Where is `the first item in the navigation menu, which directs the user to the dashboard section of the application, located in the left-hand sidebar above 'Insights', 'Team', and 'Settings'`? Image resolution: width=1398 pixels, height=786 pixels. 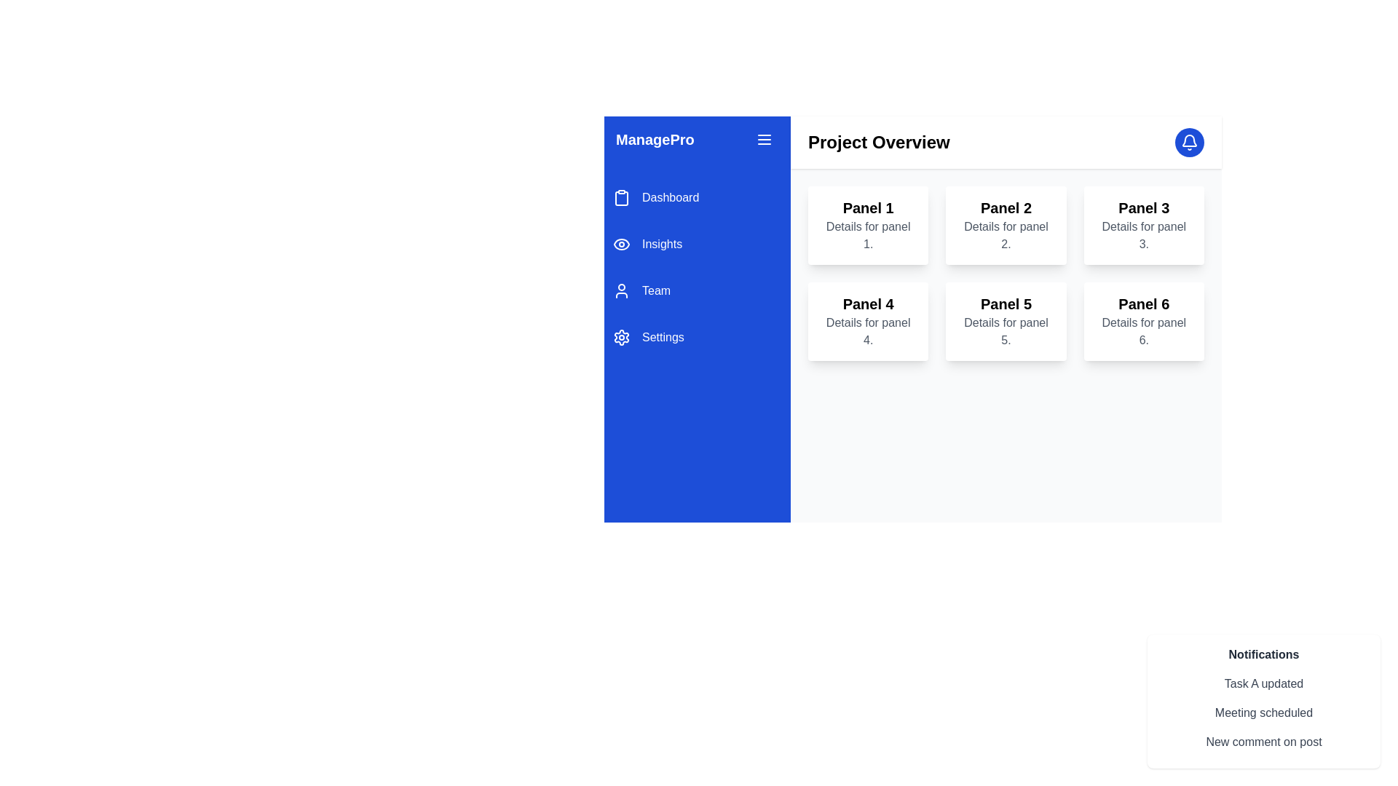
the first item in the navigation menu, which directs the user to the dashboard section of the application, located in the left-hand sidebar above 'Insights', 'Team', and 'Settings' is located at coordinates (697, 198).